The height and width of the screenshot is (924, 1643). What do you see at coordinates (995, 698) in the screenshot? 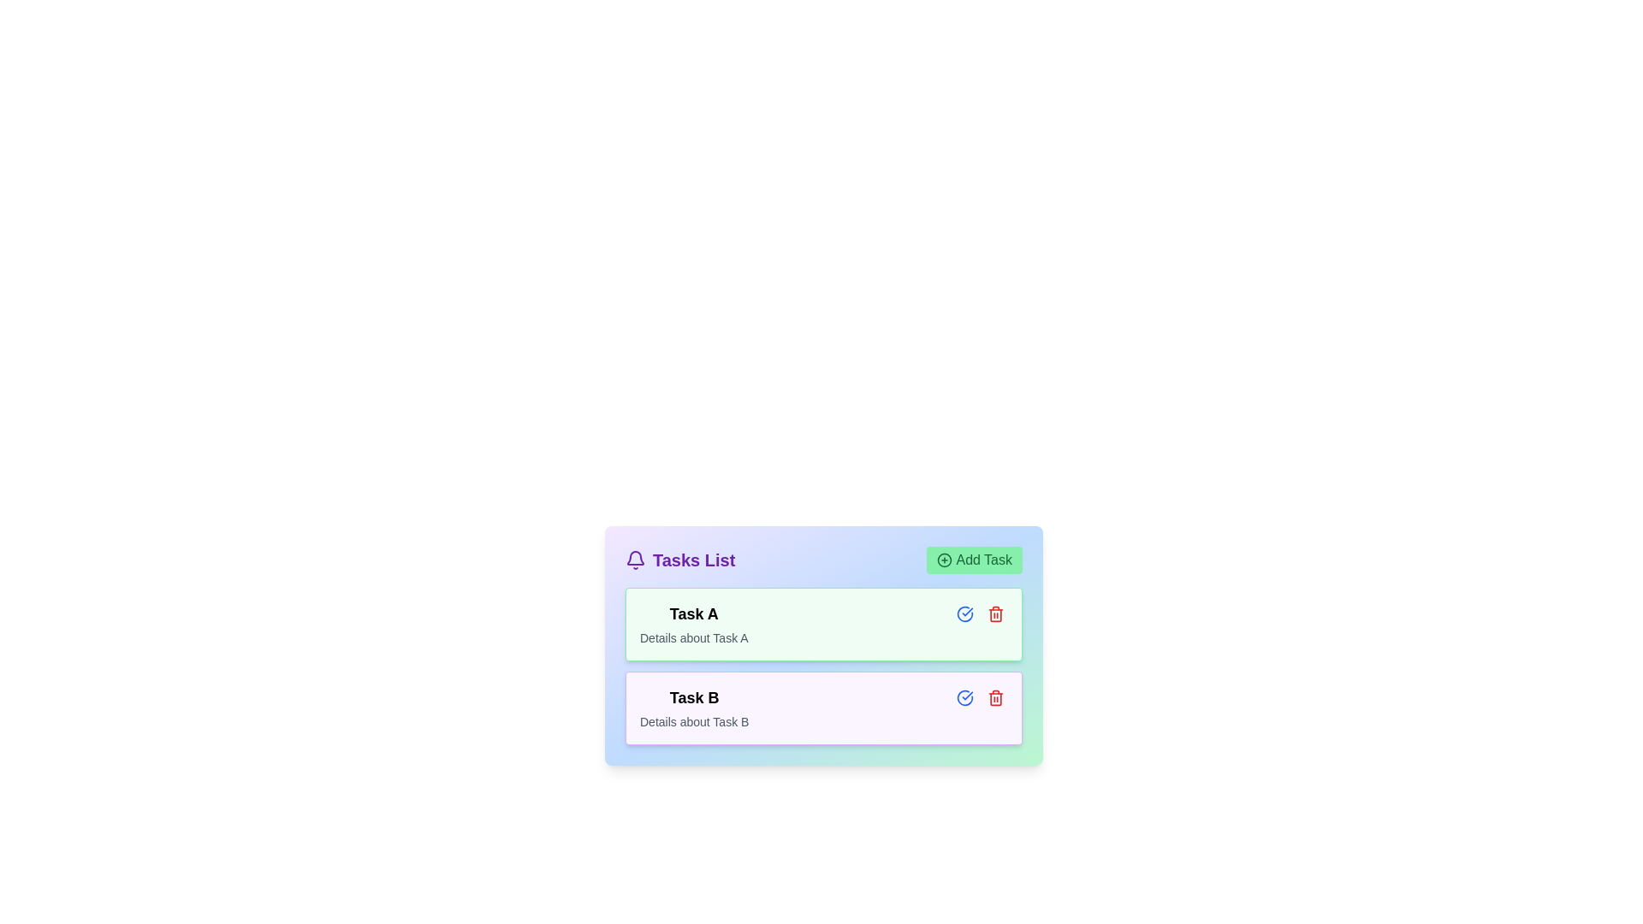
I see `the deletion icon button located in the bottom right corner of the 'Task B' card` at bounding box center [995, 698].